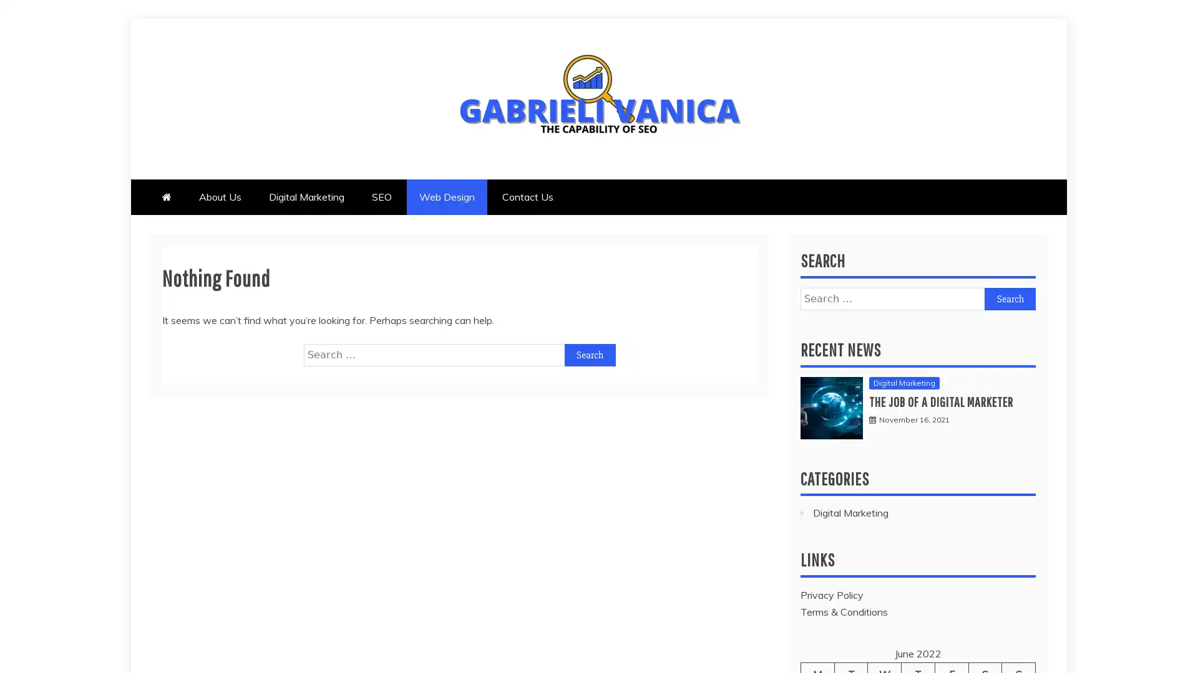 The width and height of the screenshot is (1198, 673). What do you see at coordinates (589, 355) in the screenshot?
I see `Search` at bounding box center [589, 355].